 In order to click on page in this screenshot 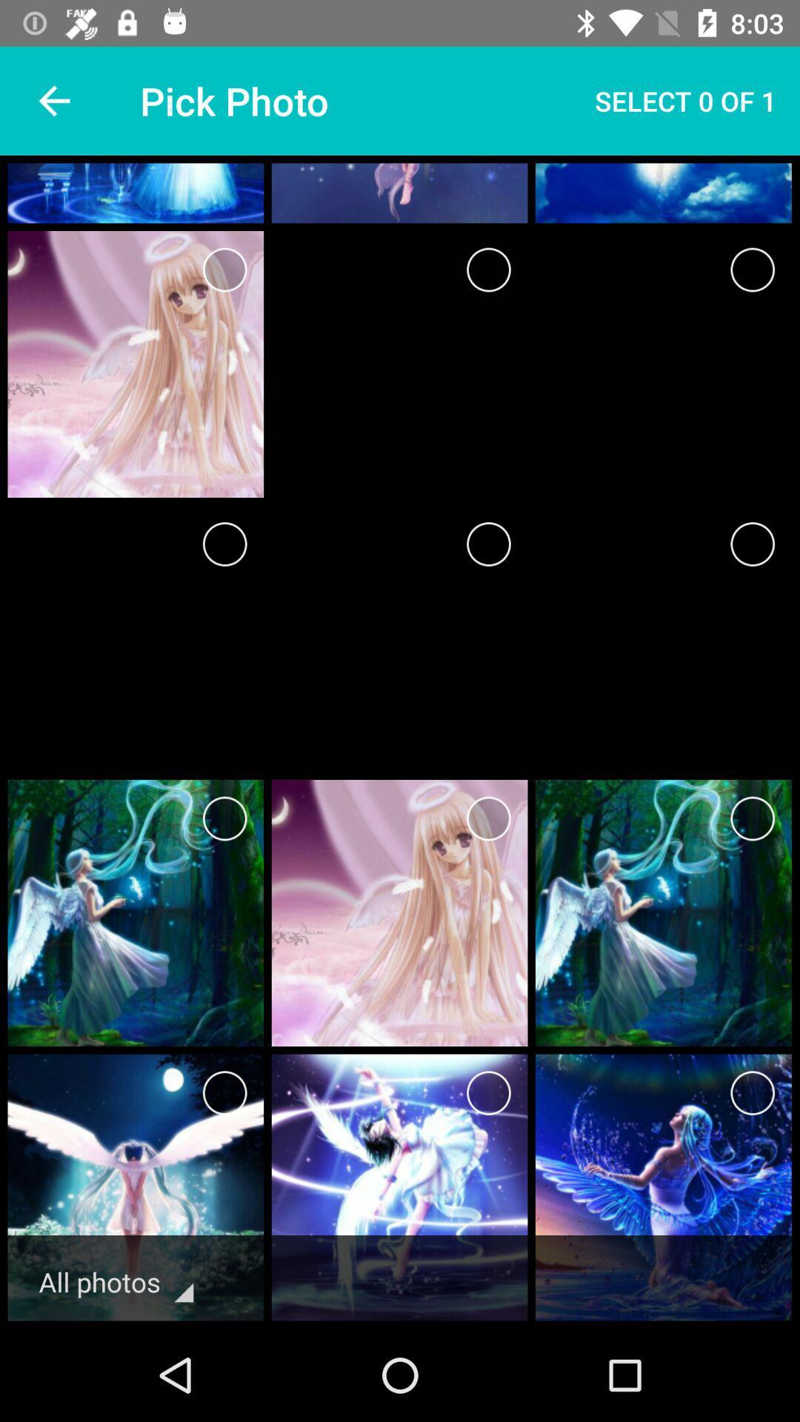, I will do `click(224, 543)`.